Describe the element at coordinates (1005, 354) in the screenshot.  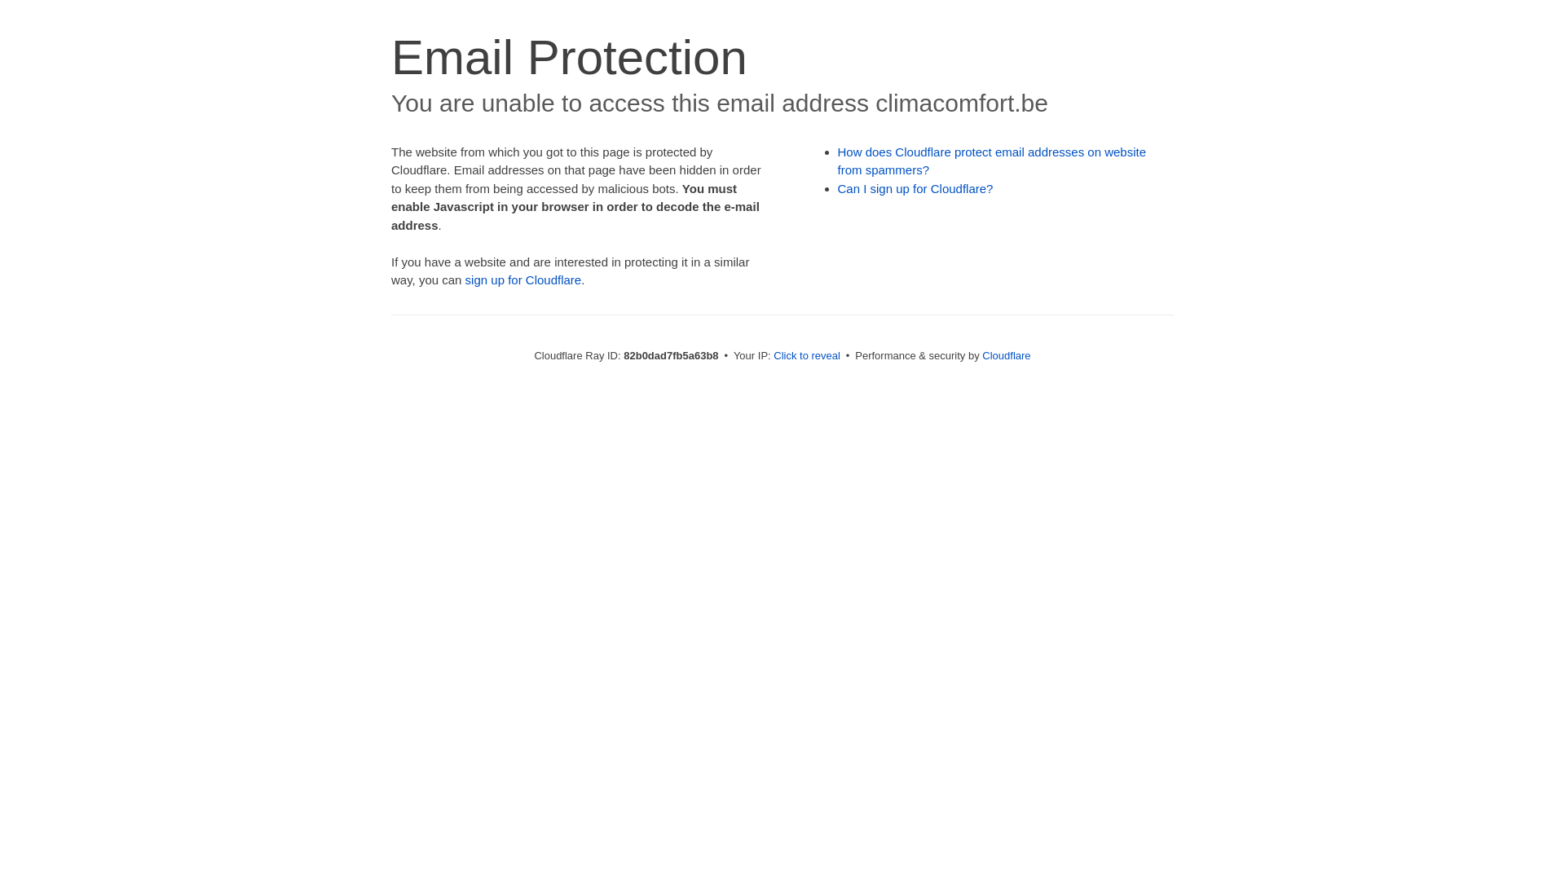
I see `'Cloudflare'` at that location.